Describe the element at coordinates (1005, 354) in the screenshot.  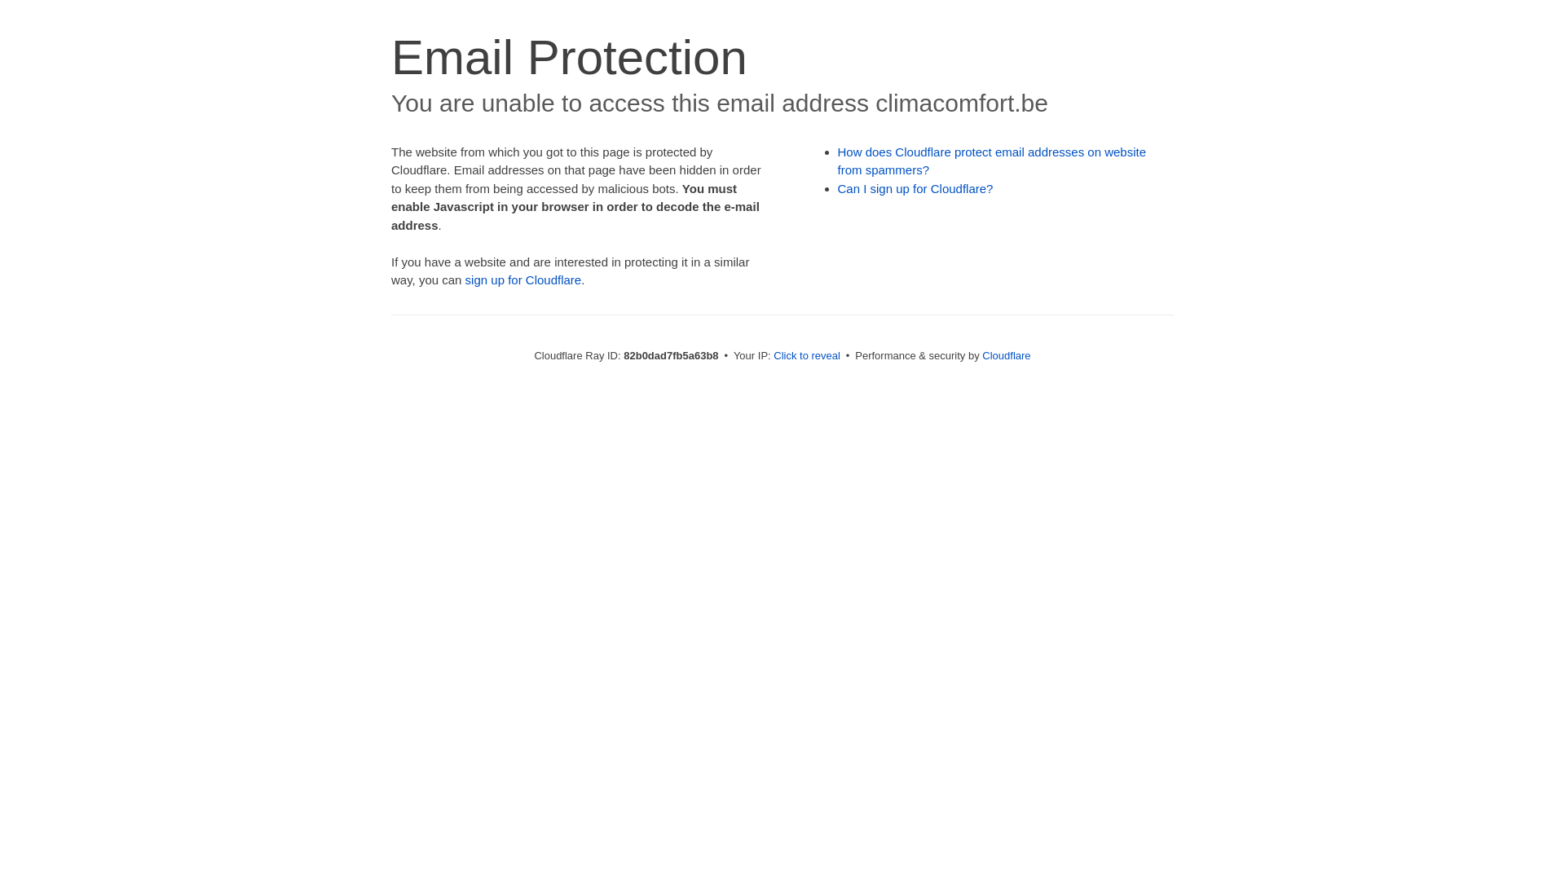
I see `'Cloudflare'` at that location.